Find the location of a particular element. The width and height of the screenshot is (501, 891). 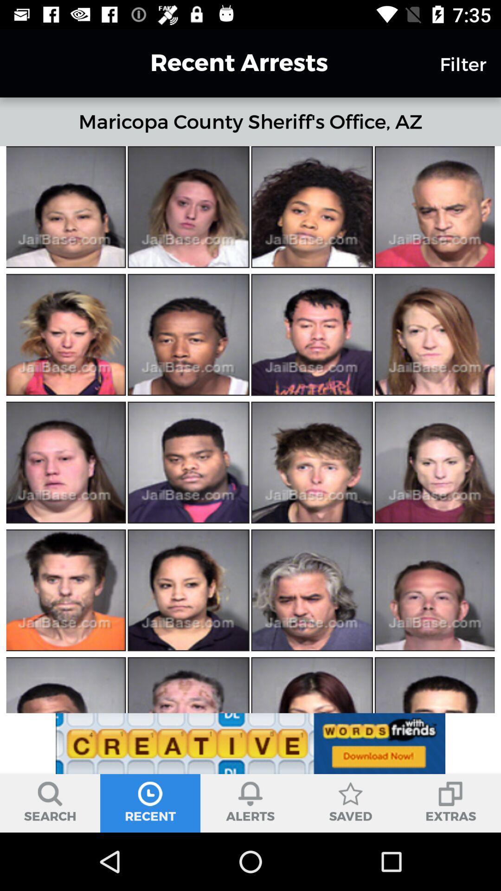

item next to filter icon is located at coordinates (222, 62).